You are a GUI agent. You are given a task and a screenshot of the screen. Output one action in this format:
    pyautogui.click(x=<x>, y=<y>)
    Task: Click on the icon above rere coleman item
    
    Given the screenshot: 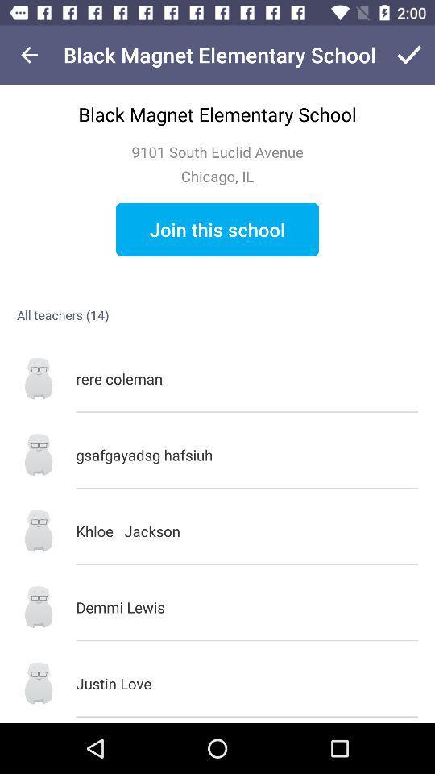 What is the action you would take?
    pyautogui.click(x=217, y=228)
    